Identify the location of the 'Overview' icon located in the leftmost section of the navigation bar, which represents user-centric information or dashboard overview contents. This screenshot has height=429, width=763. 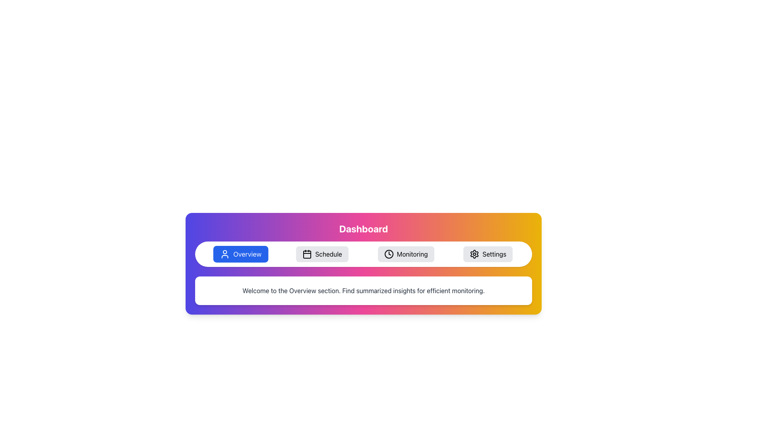
(225, 254).